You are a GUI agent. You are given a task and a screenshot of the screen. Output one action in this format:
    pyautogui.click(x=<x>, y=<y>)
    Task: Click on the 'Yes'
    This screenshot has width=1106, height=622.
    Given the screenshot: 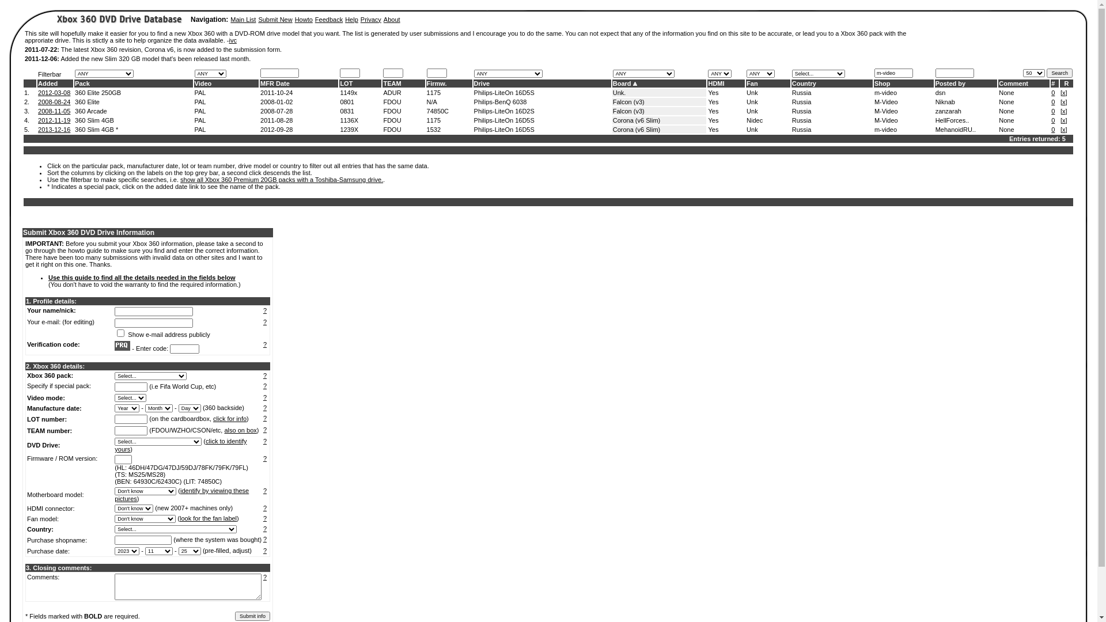 What is the action you would take?
    pyautogui.click(x=713, y=92)
    